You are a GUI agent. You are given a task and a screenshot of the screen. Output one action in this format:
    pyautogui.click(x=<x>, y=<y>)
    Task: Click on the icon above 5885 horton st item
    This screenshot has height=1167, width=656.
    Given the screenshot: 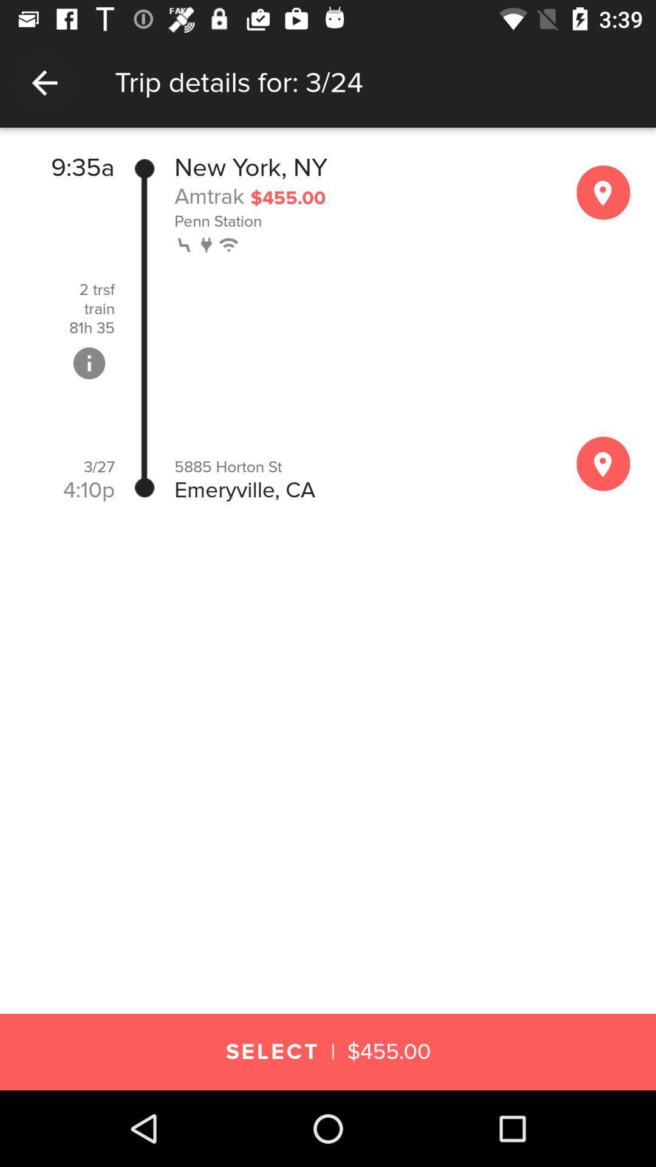 What is the action you would take?
    pyautogui.click(x=230, y=243)
    